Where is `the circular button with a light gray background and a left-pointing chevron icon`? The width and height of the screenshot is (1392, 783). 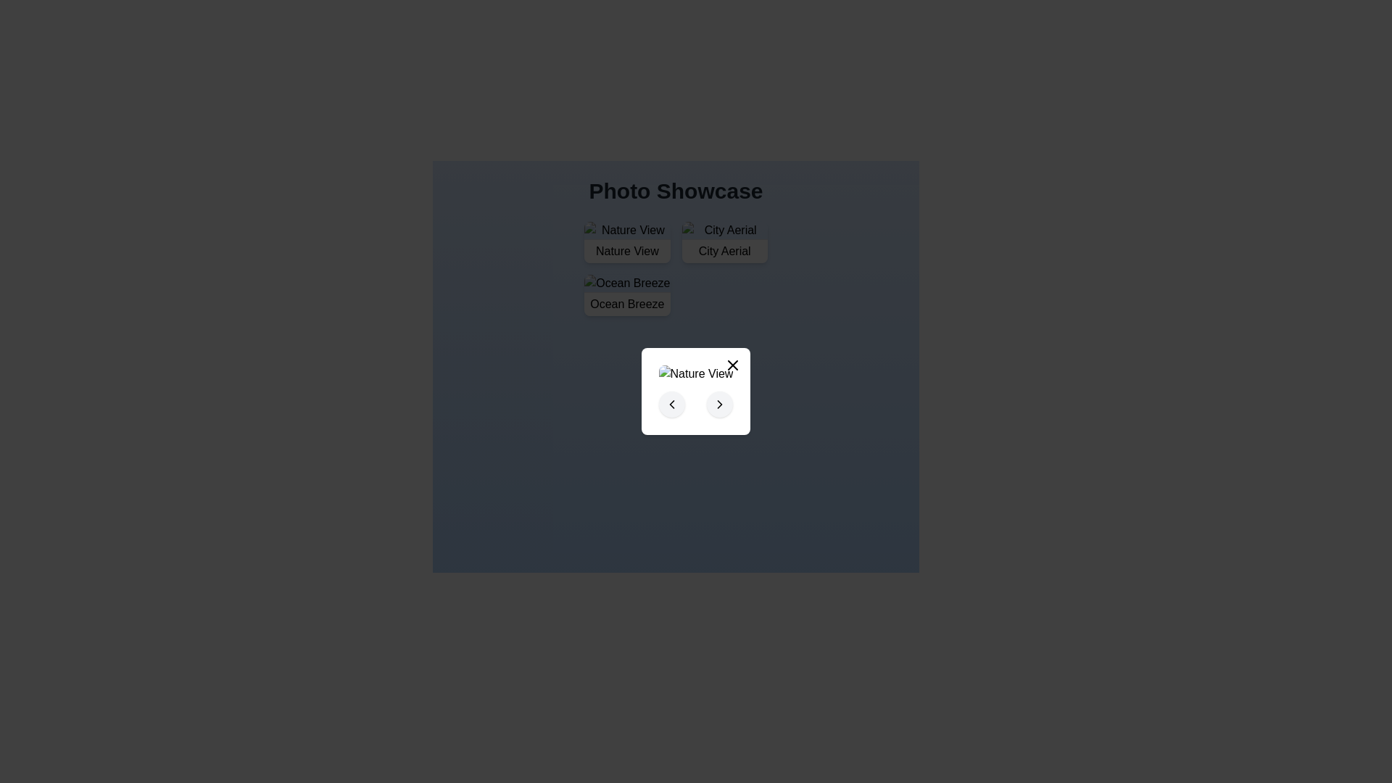
the circular button with a light gray background and a left-pointing chevron icon is located at coordinates (671, 405).